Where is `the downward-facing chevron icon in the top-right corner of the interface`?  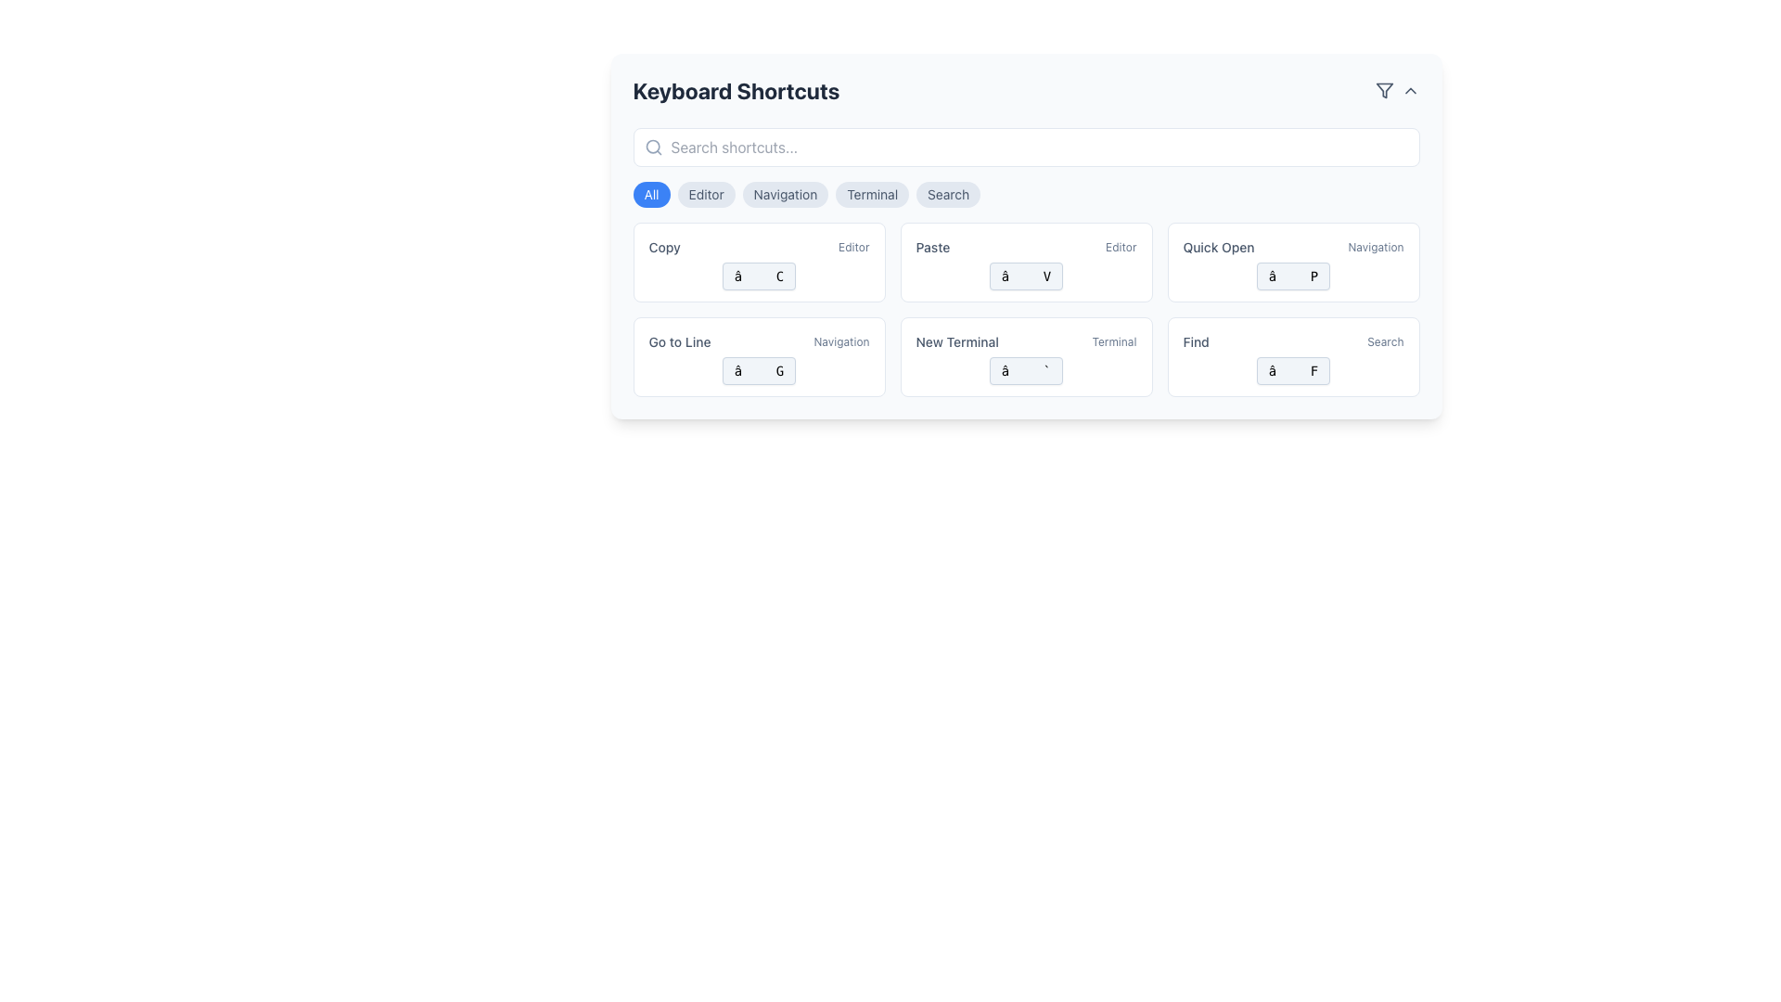
the downward-facing chevron icon in the top-right corner of the interface is located at coordinates (1410, 90).